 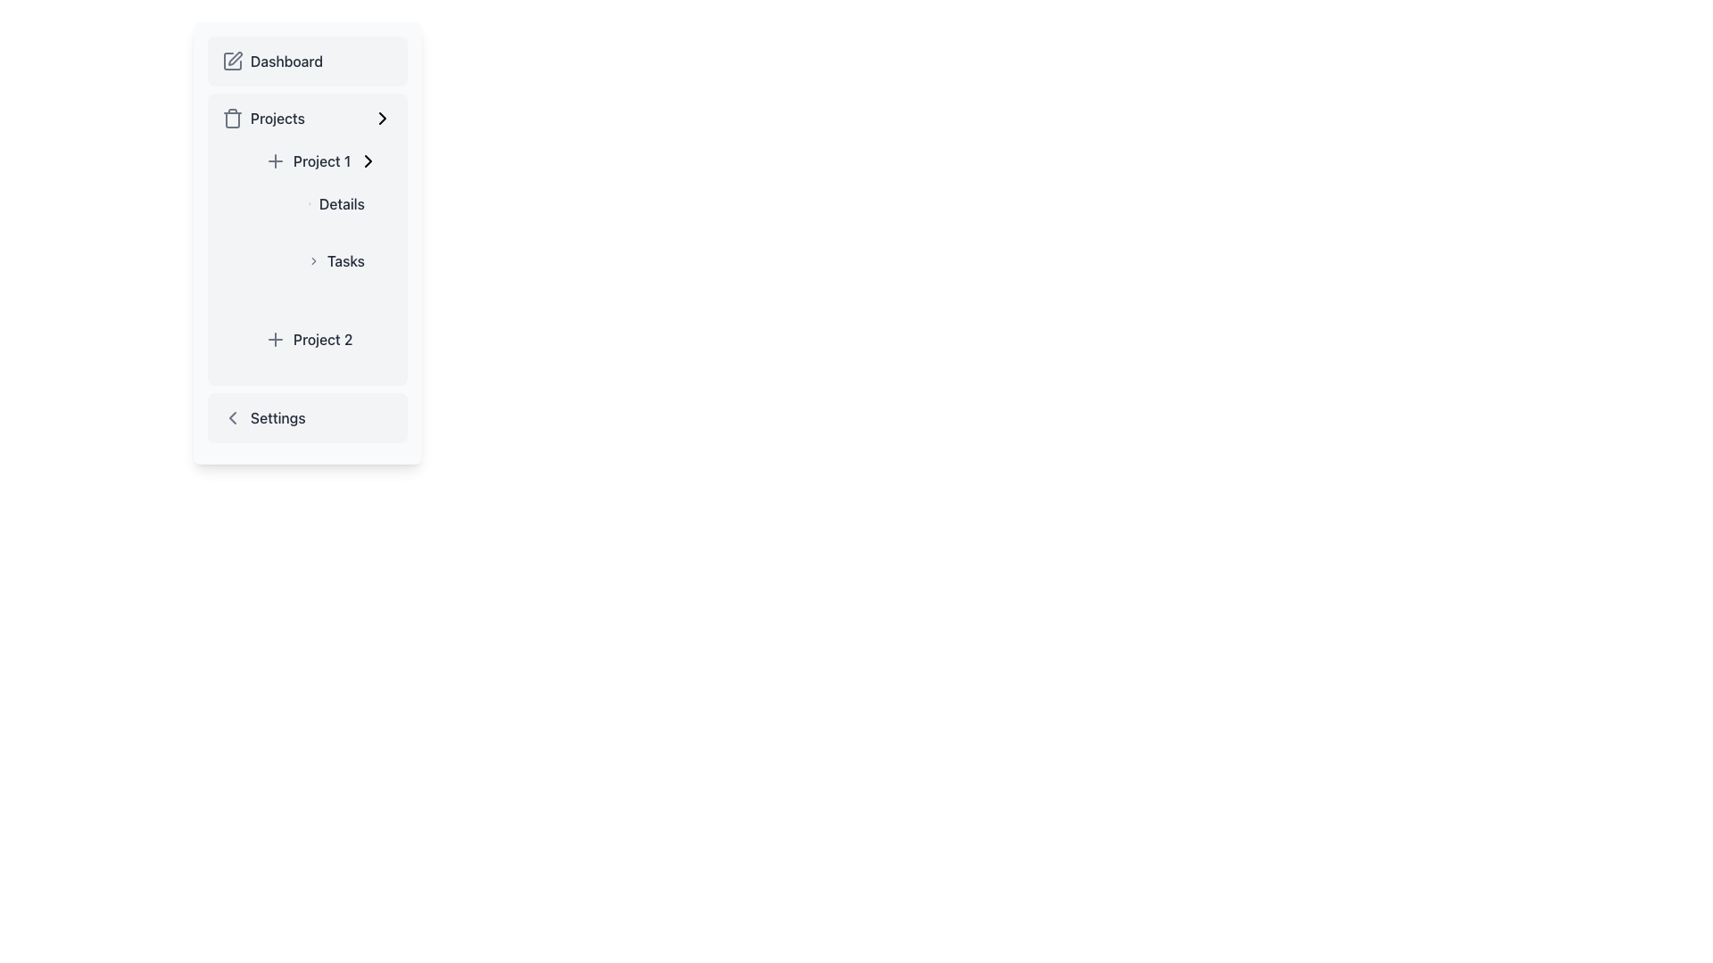 What do you see at coordinates (346, 261) in the screenshot?
I see `the 'Tasks' text label located under the 'Projects' section in the left-hand navigation panel, specifically after the 'Details' option` at bounding box center [346, 261].